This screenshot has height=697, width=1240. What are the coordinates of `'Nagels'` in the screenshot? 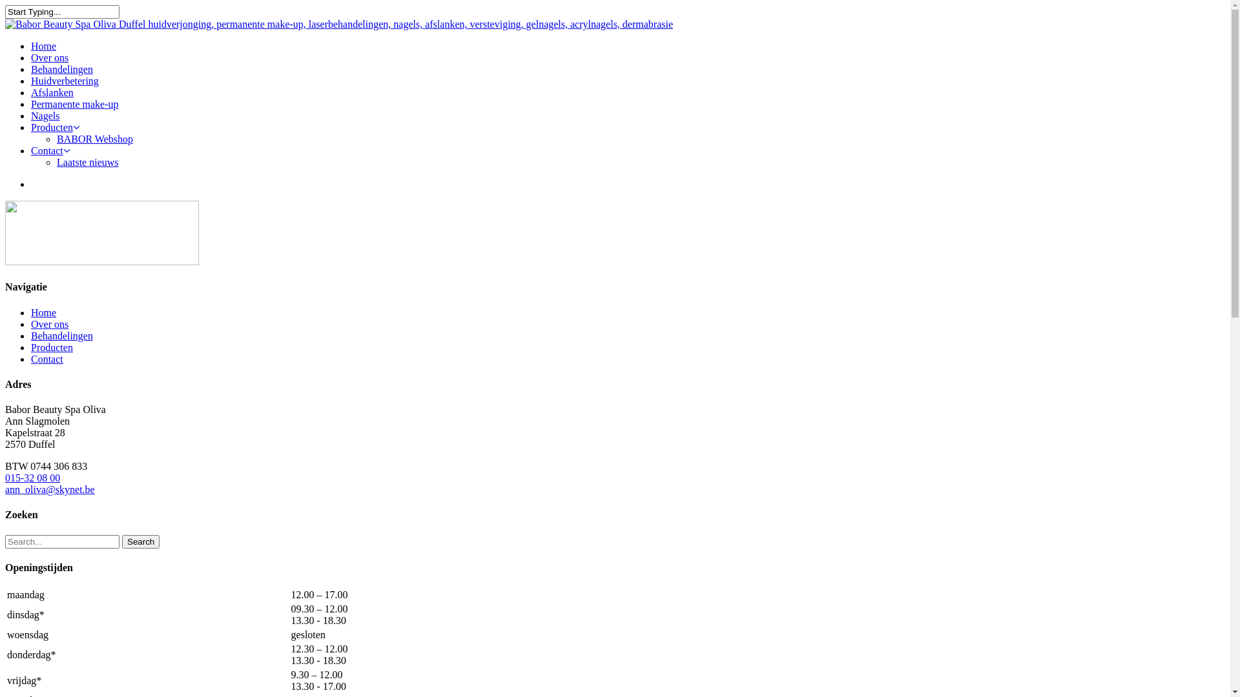 It's located at (45, 115).